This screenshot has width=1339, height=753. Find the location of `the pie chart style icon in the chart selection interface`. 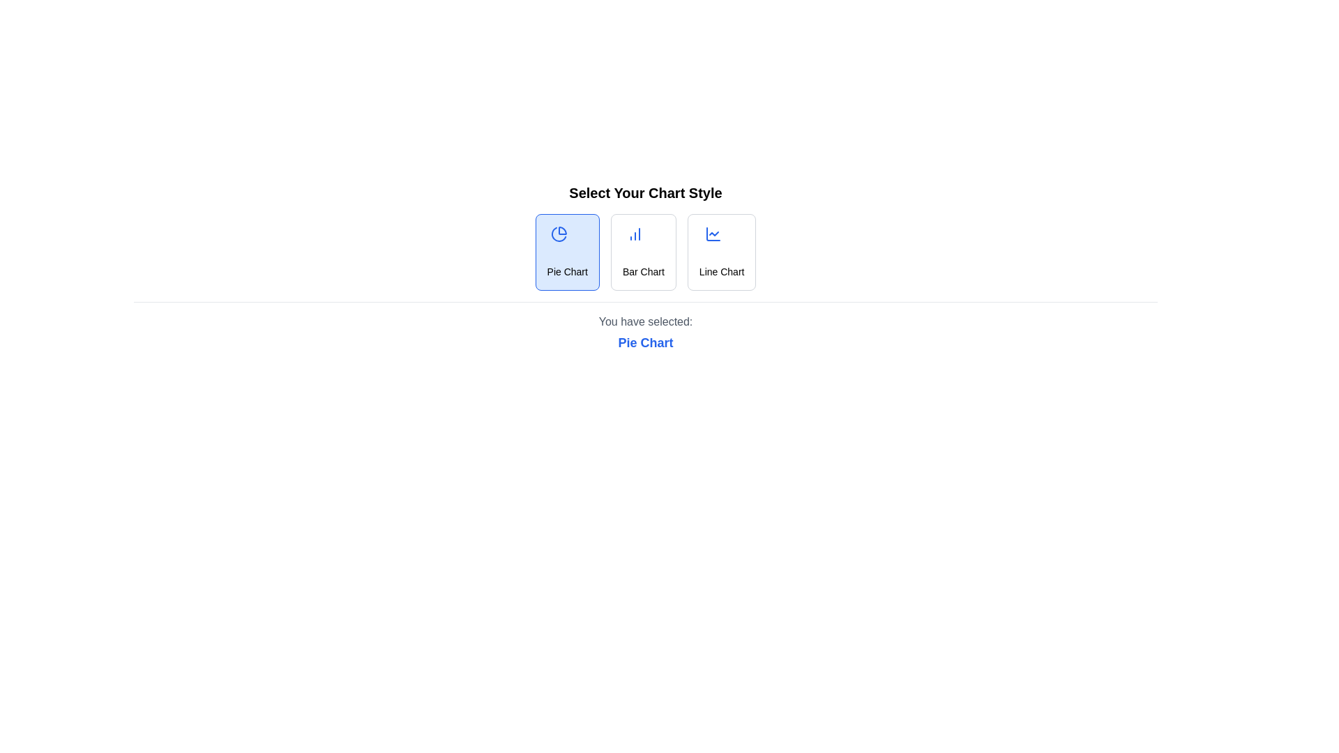

the pie chart style icon in the chart selection interface is located at coordinates (559, 233).